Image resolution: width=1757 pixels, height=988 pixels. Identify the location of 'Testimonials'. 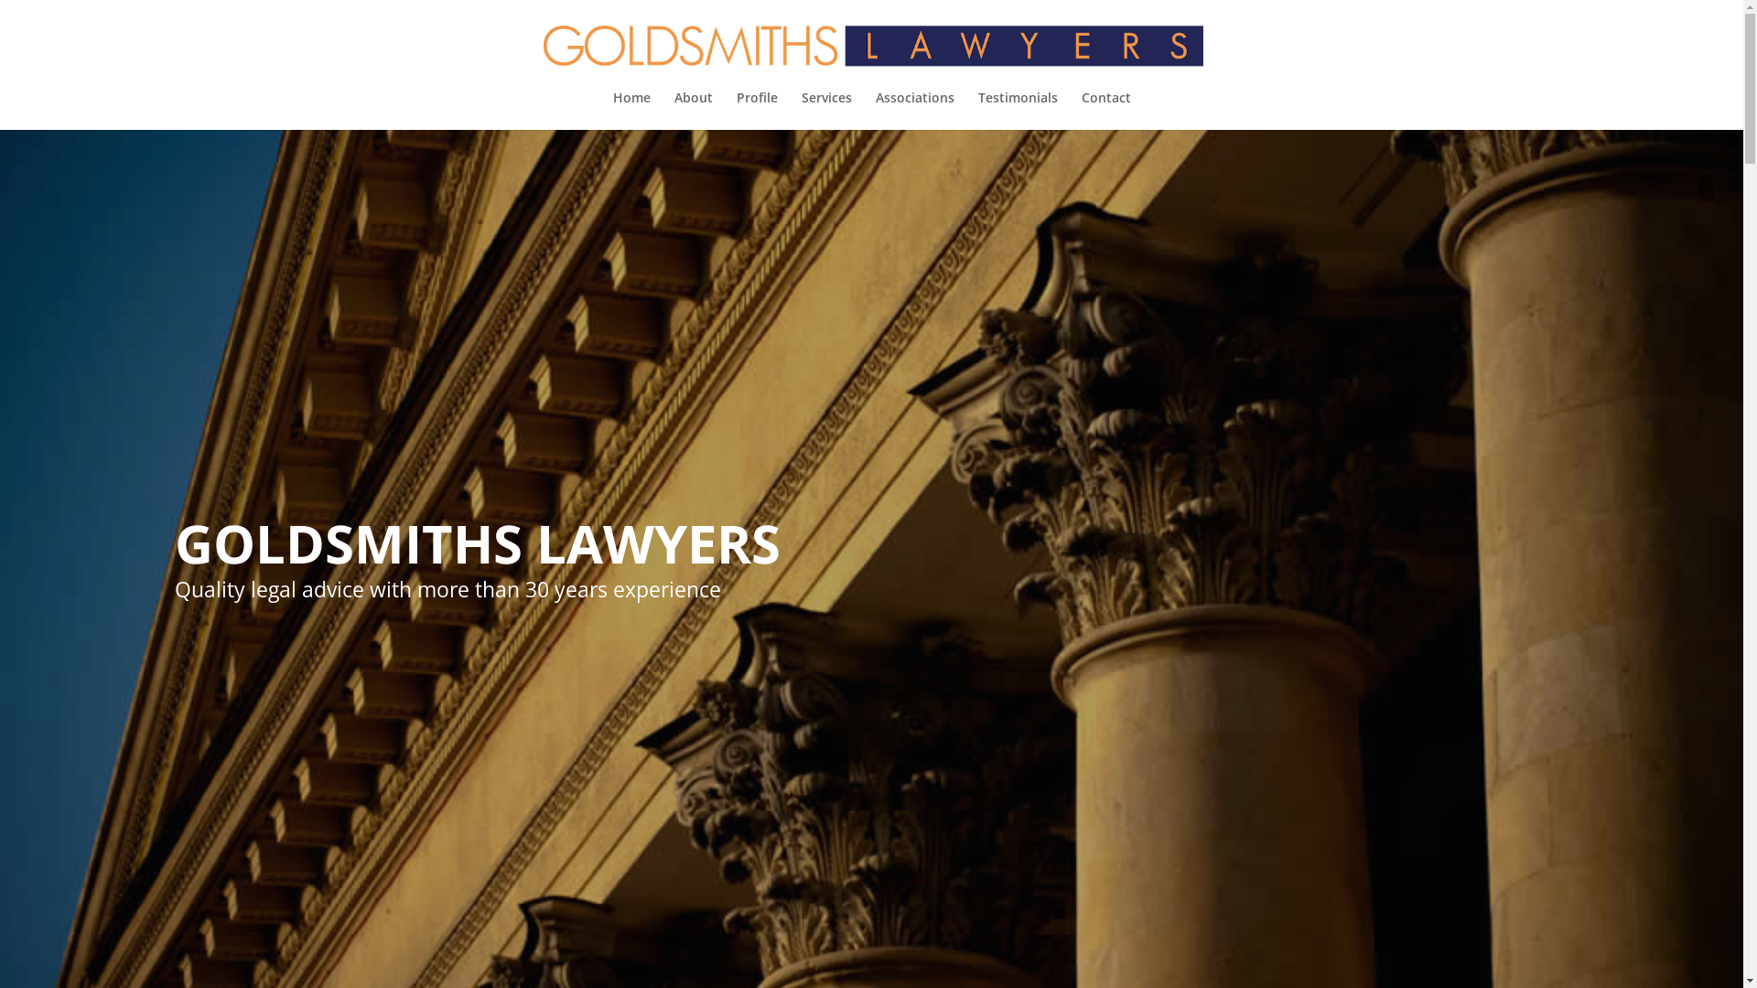
(1016, 110).